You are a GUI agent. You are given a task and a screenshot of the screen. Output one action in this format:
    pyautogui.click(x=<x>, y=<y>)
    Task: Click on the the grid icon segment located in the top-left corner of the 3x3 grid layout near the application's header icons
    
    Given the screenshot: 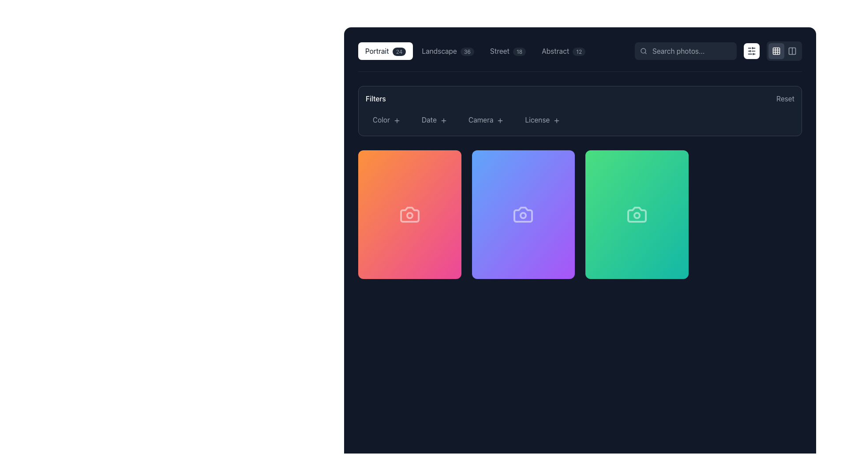 What is the action you would take?
    pyautogui.click(x=776, y=51)
    